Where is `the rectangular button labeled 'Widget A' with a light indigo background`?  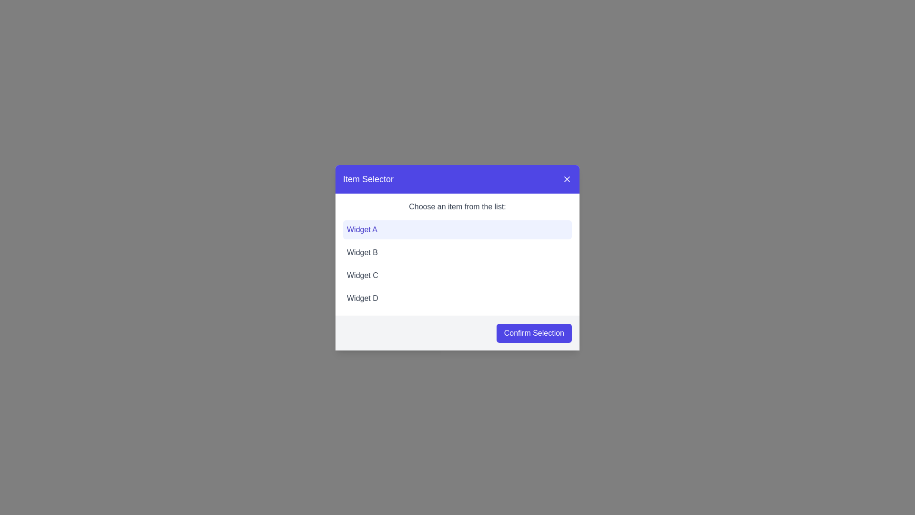
the rectangular button labeled 'Widget A' with a light indigo background is located at coordinates (457, 229).